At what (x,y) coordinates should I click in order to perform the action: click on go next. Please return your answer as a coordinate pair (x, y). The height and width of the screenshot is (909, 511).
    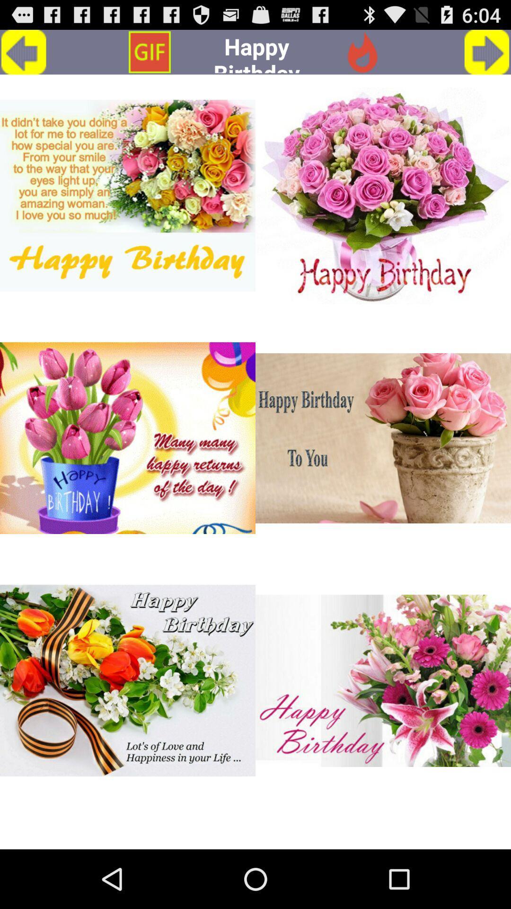
    Looking at the image, I should click on (487, 52).